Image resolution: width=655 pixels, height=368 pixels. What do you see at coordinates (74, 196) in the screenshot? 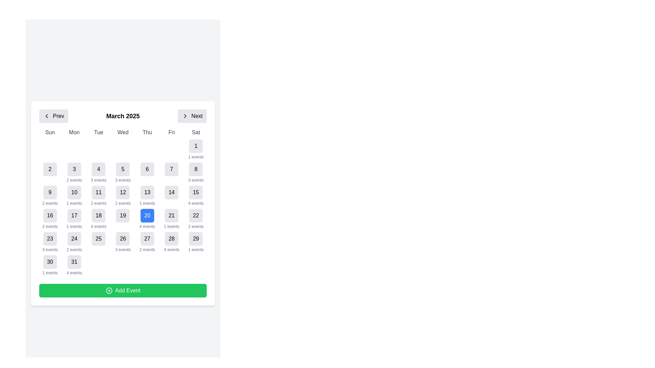
I see `the Date button displaying the number '10' with the event count '1 events' in the second column of the second row of the calendar grid for March 2025` at bounding box center [74, 196].